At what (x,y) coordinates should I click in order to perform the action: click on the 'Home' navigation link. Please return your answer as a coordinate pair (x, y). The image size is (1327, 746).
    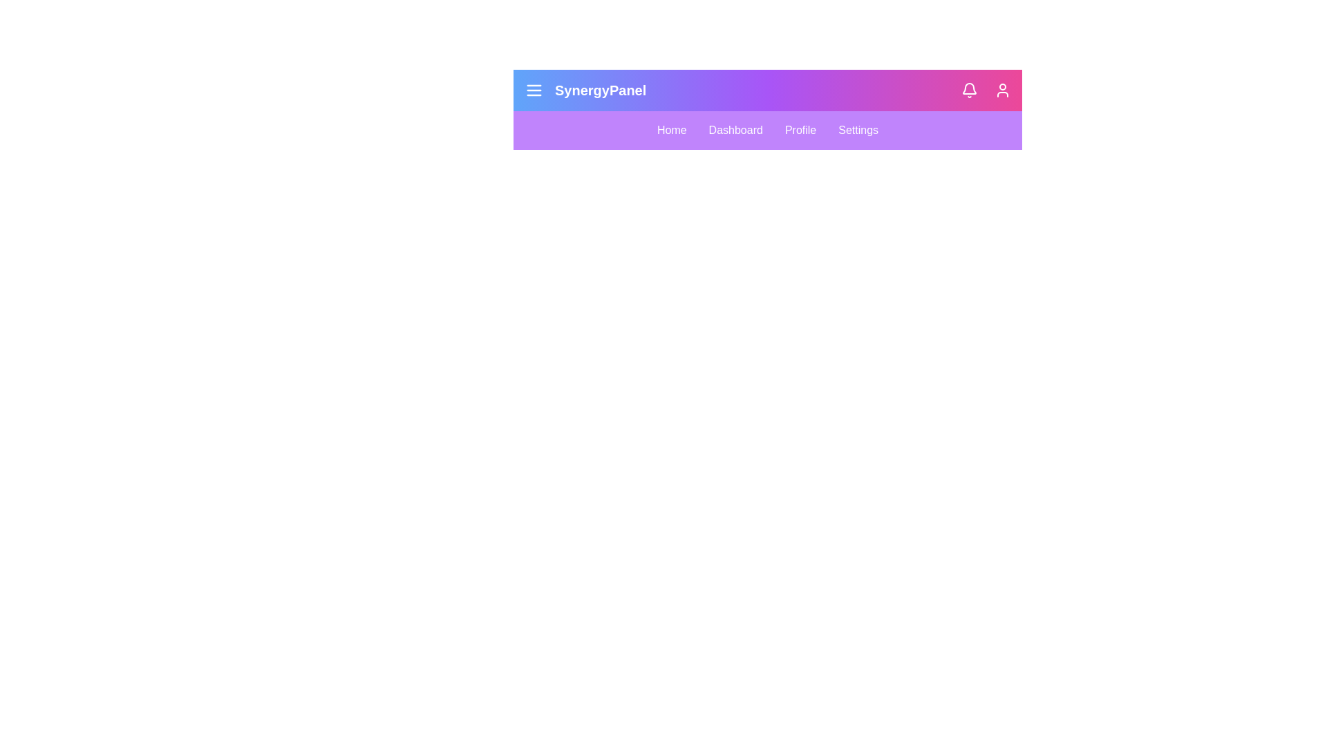
    Looking at the image, I should click on (671, 131).